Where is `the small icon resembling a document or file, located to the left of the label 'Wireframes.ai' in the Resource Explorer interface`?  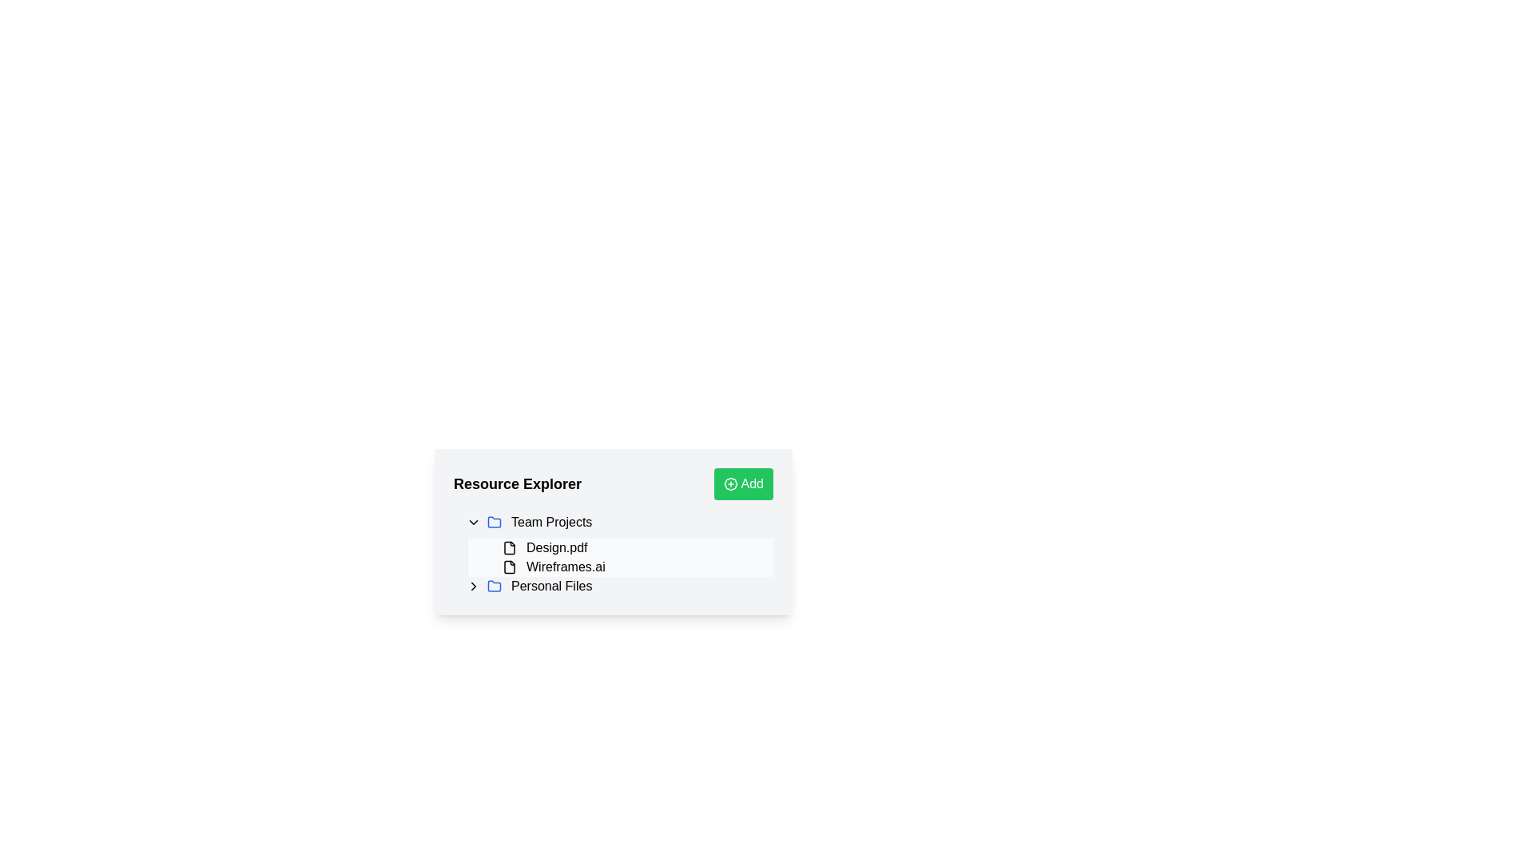
the small icon resembling a document or file, located to the left of the label 'Wireframes.ai' in the Resource Explorer interface is located at coordinates (509, 566).